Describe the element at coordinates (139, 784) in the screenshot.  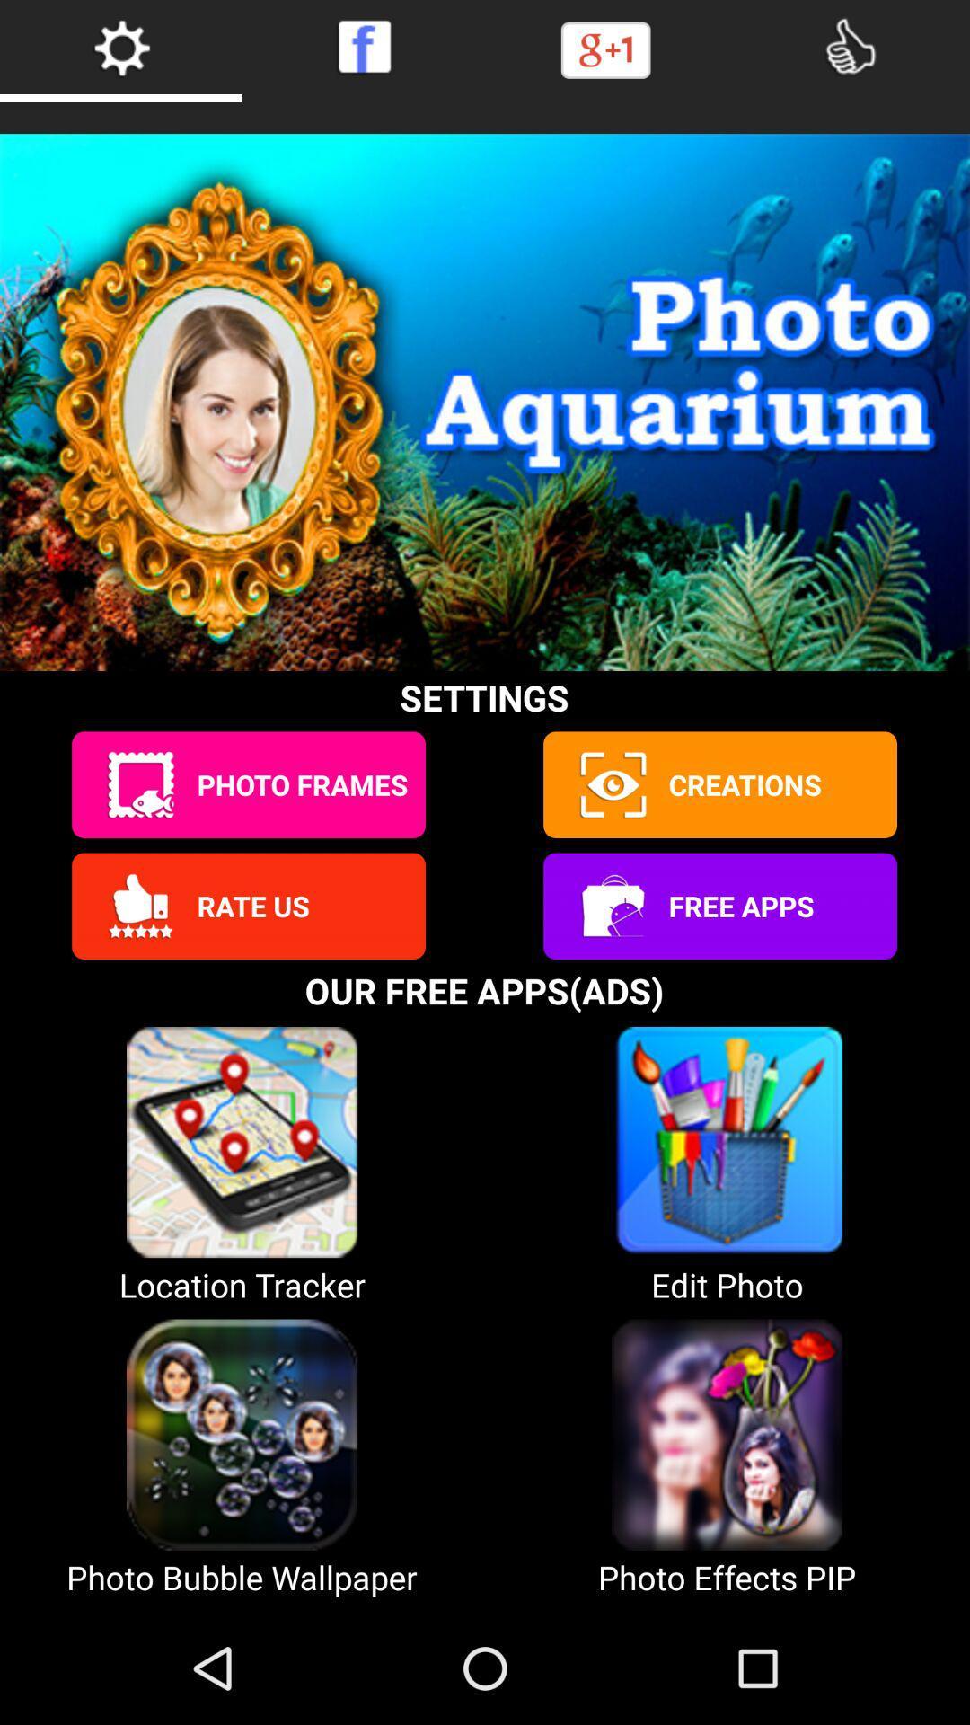
I see `edit photo` at that location.